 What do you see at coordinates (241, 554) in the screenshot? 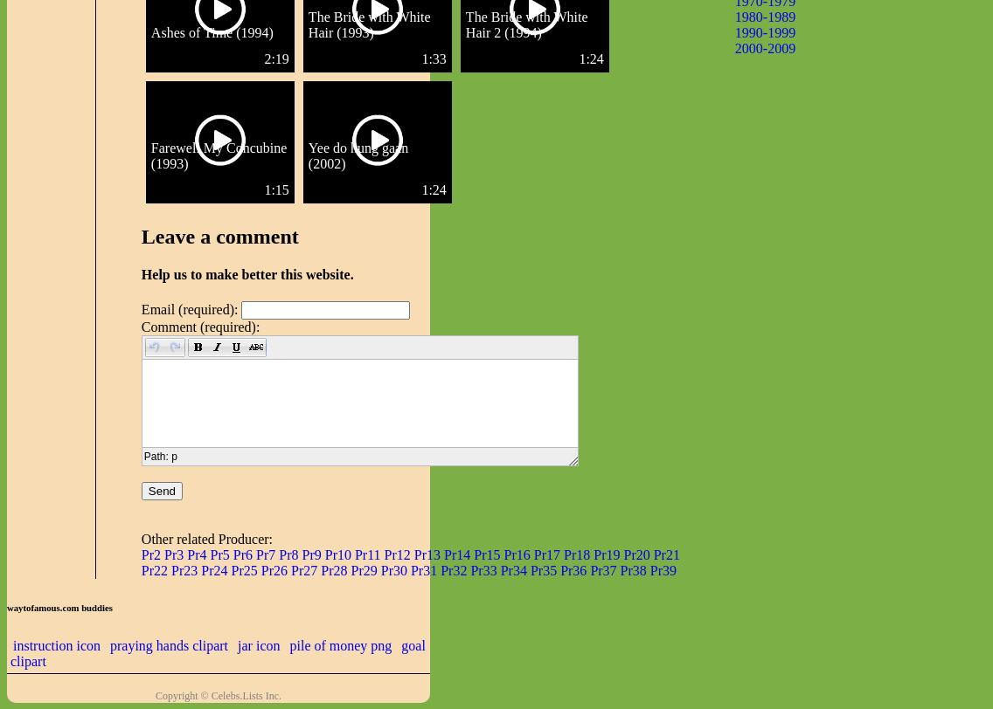
I see `'Pr6'` at bounding box center [241, 554].